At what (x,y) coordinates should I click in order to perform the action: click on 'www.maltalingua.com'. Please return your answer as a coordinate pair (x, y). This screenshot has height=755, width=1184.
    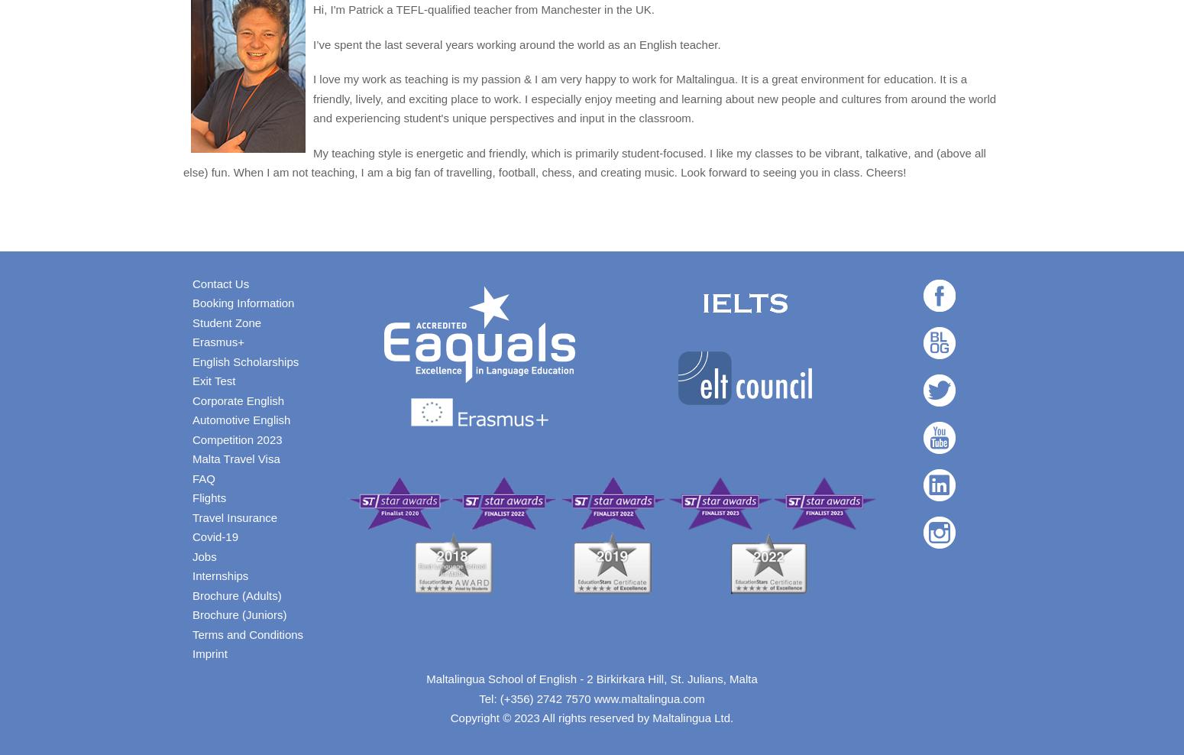
    Looking at the image, I should click on (648, 697).